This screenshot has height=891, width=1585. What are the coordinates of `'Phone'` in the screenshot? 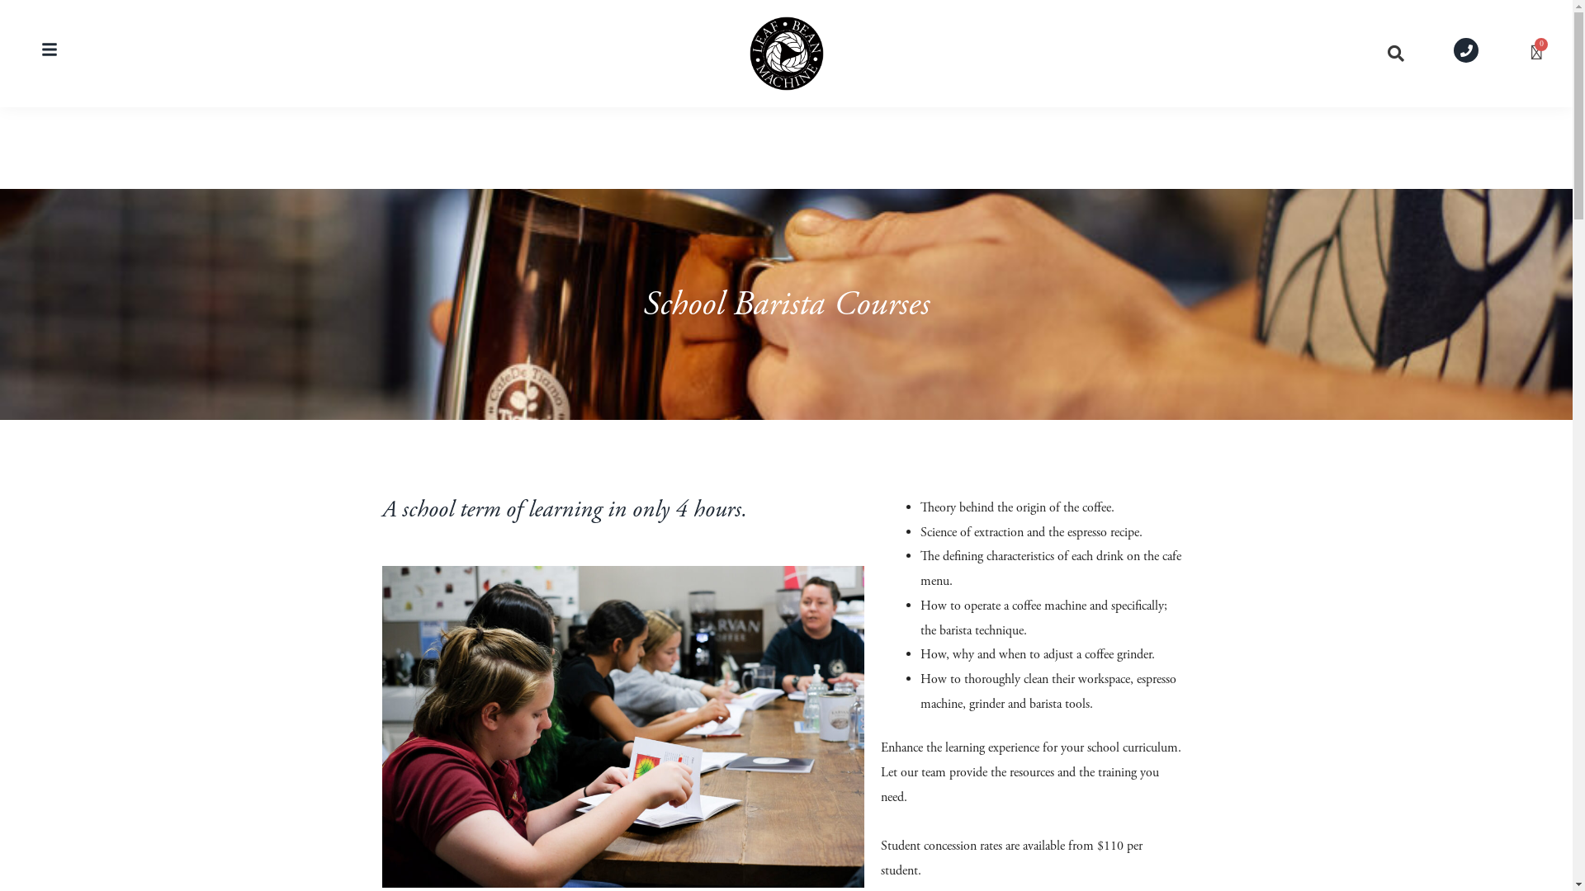 It's located at (1454, 49).